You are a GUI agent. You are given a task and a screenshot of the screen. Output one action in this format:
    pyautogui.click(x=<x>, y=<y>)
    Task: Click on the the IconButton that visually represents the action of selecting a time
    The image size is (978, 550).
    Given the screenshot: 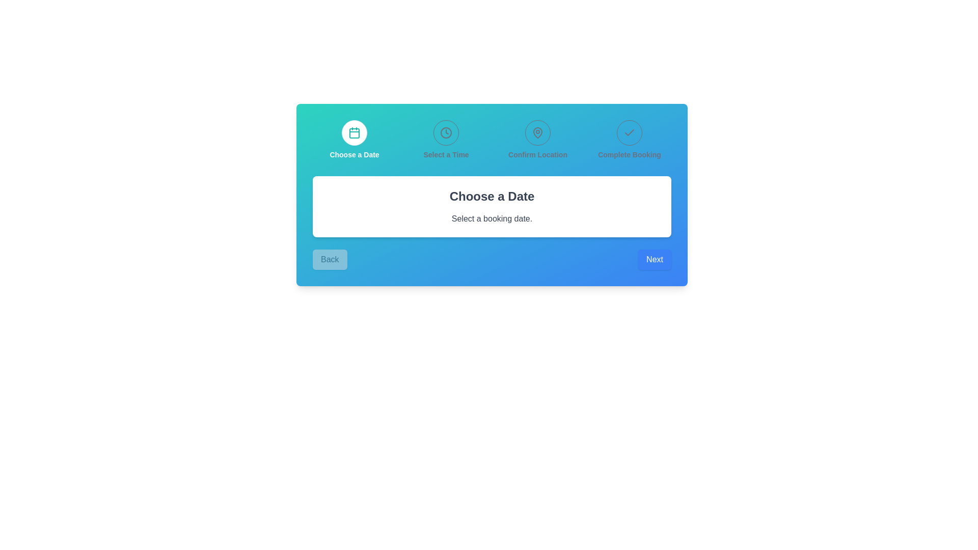 What is the action you would take?
    pyautogui.click(x=446, y=132)
    